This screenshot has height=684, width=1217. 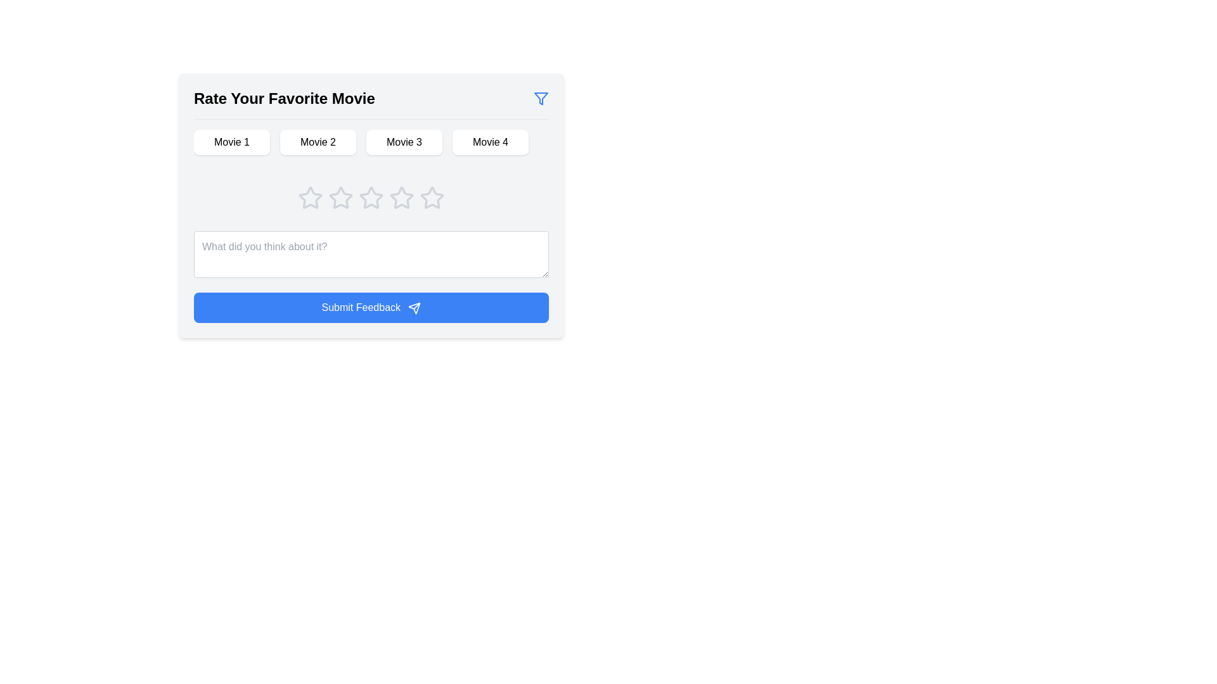 What do you see at coordinates (489, 142) in the screenshot?
I see `the text label for 'Movie 4', which serves as a selectable option in the 'Rate Your Favorite Movie' section` at bounding box center [489, 142].